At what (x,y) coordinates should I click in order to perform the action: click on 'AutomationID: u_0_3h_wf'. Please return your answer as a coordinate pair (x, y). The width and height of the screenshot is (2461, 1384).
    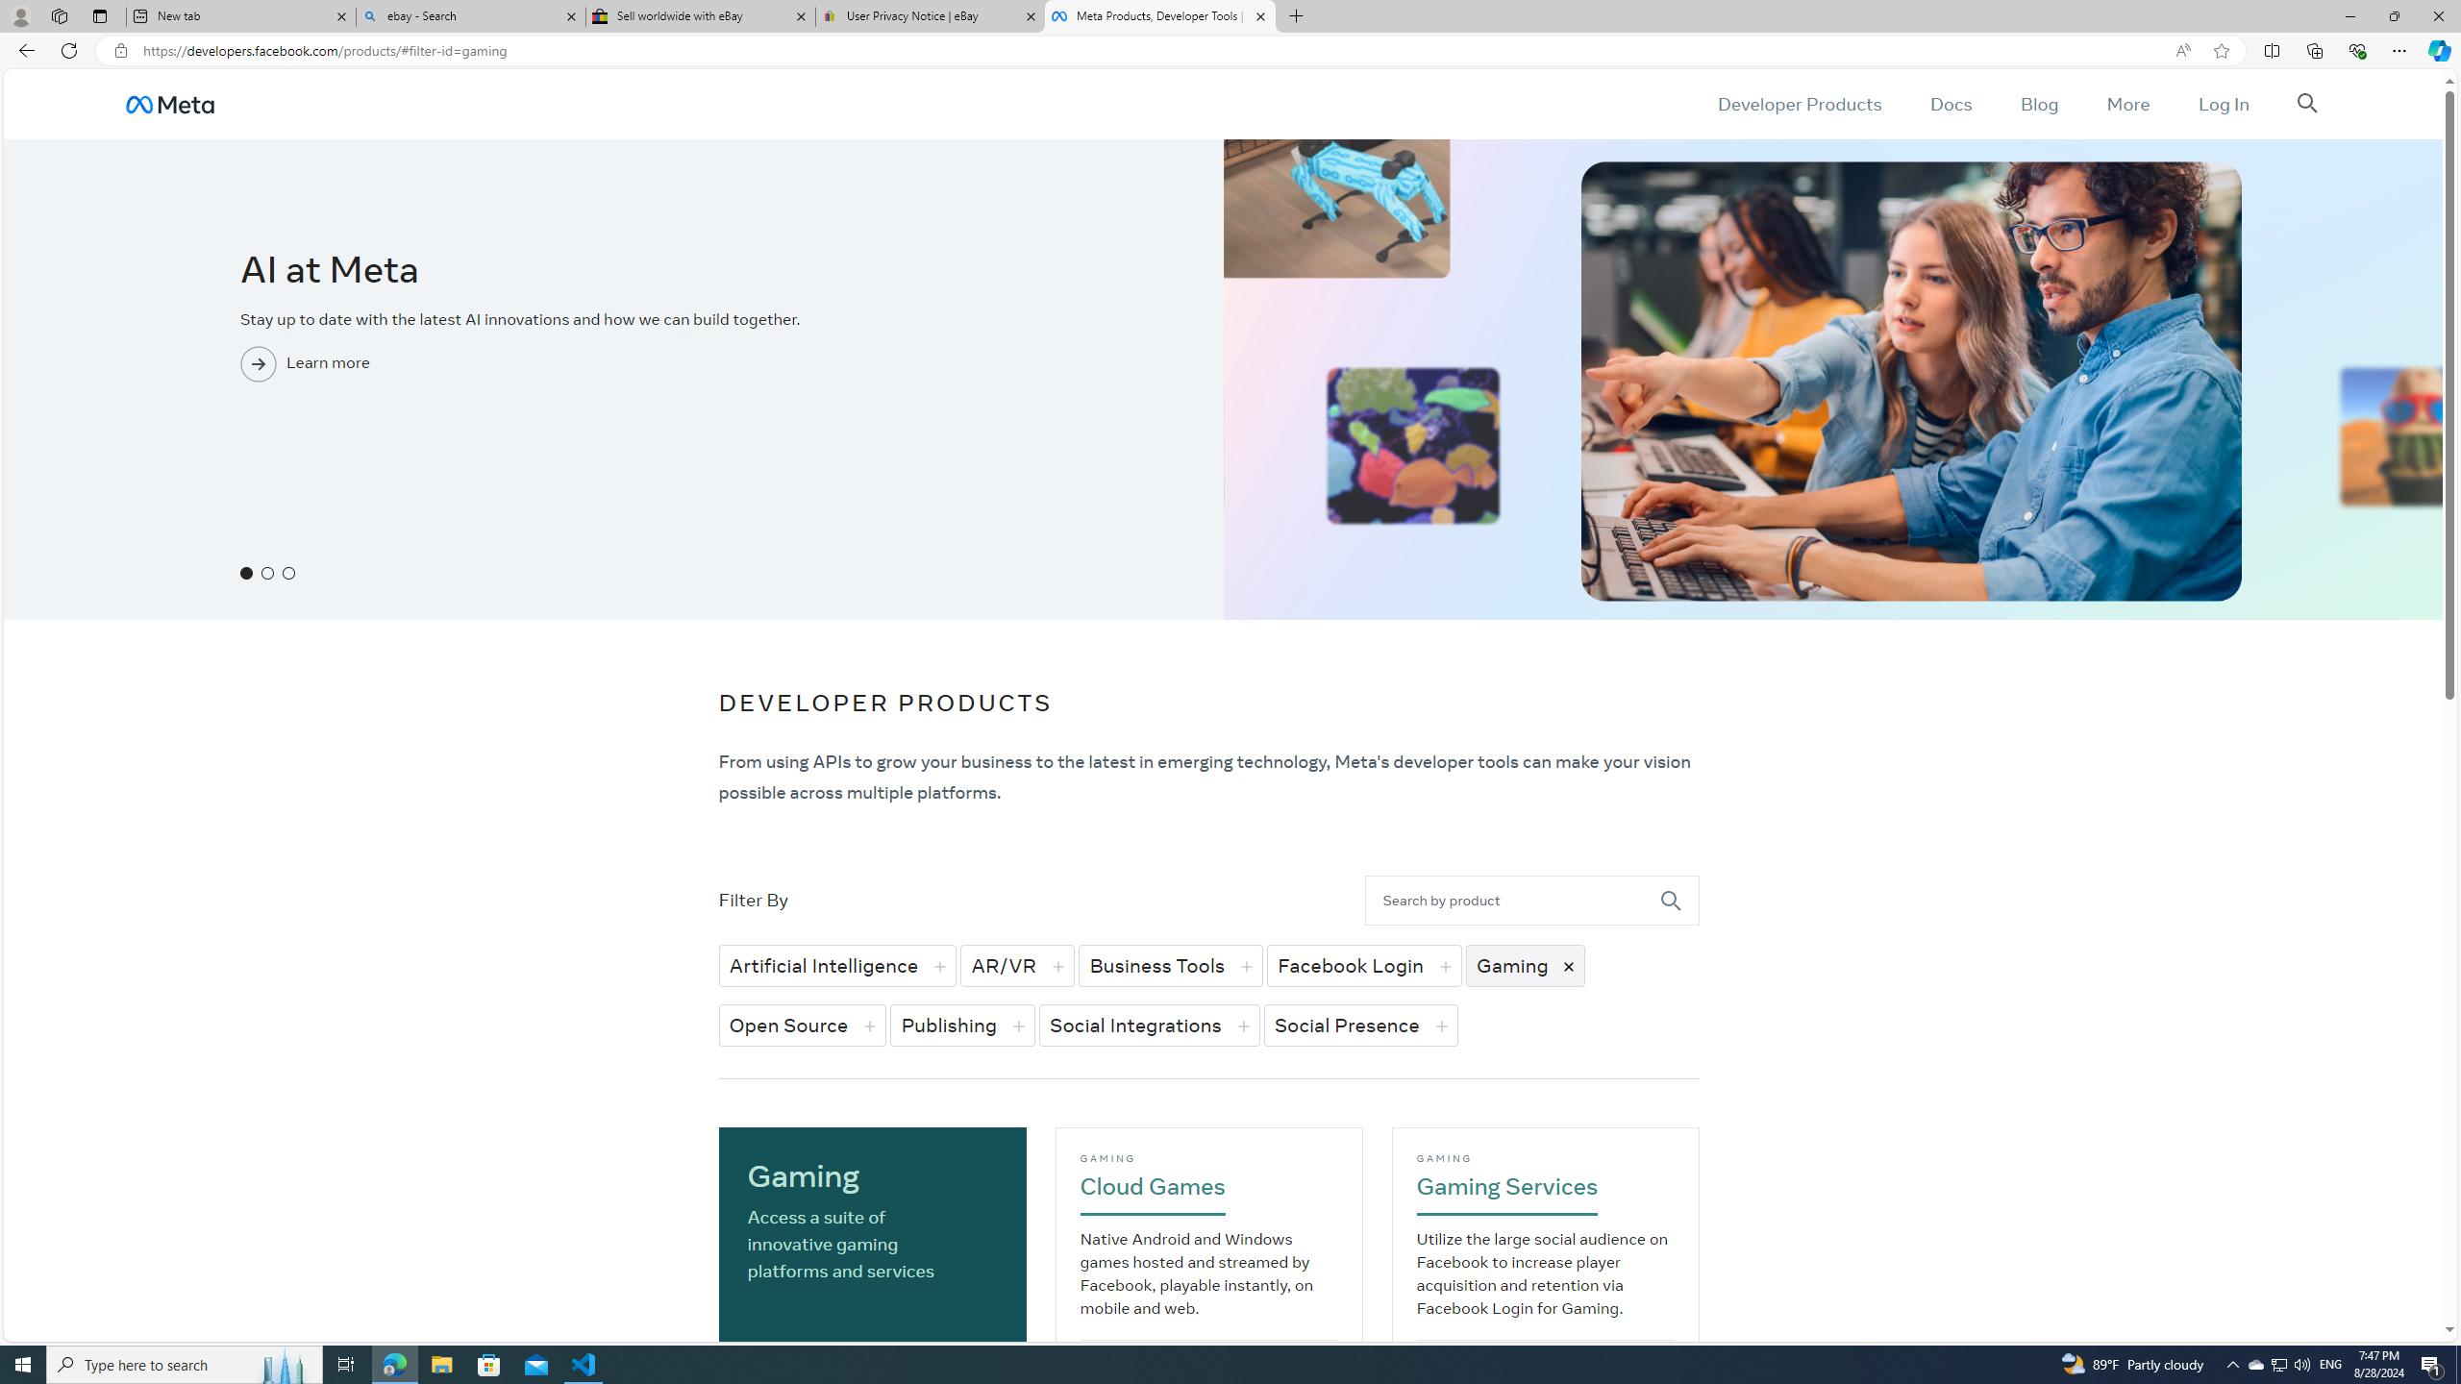
    Looking at the image, I should click on (168, 103).